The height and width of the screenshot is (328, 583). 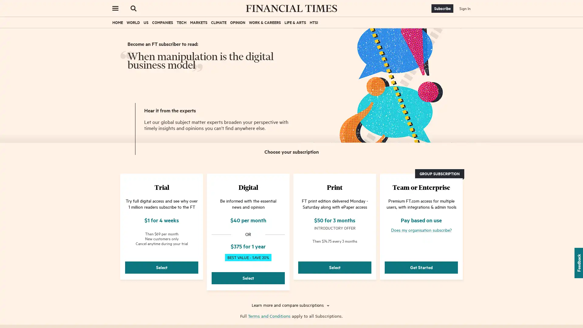 What do you see at coordinates (442, 8) in the screenshot?
I see `Subscribe` at bounding box center [442, 8].